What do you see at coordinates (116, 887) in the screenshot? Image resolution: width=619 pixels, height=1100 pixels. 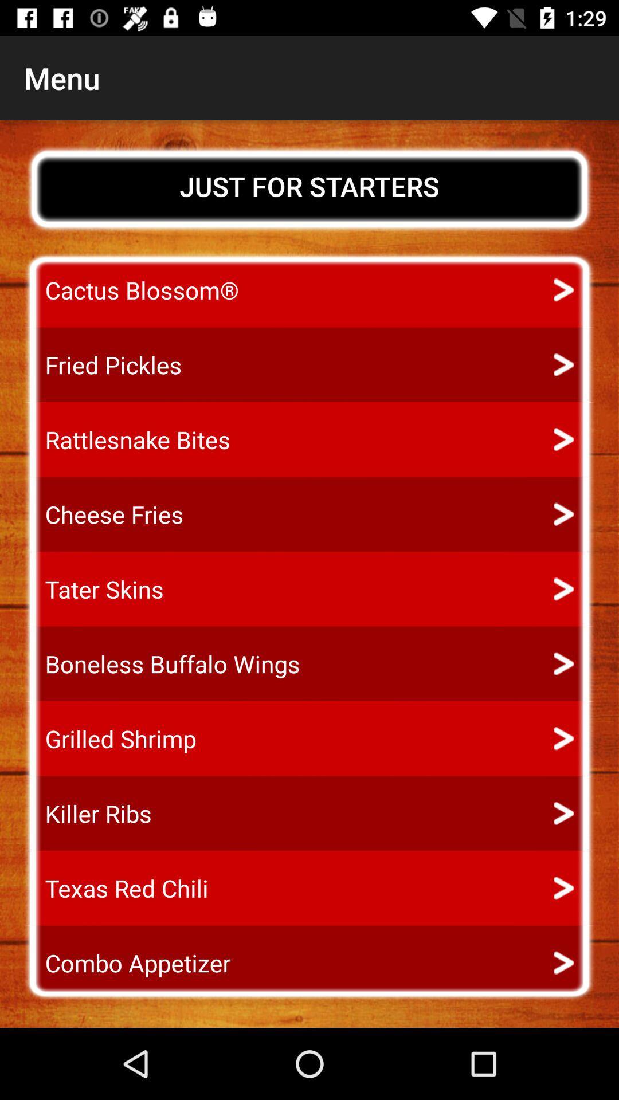 I see `the texas red chili app` at bounding box center [116, 887].